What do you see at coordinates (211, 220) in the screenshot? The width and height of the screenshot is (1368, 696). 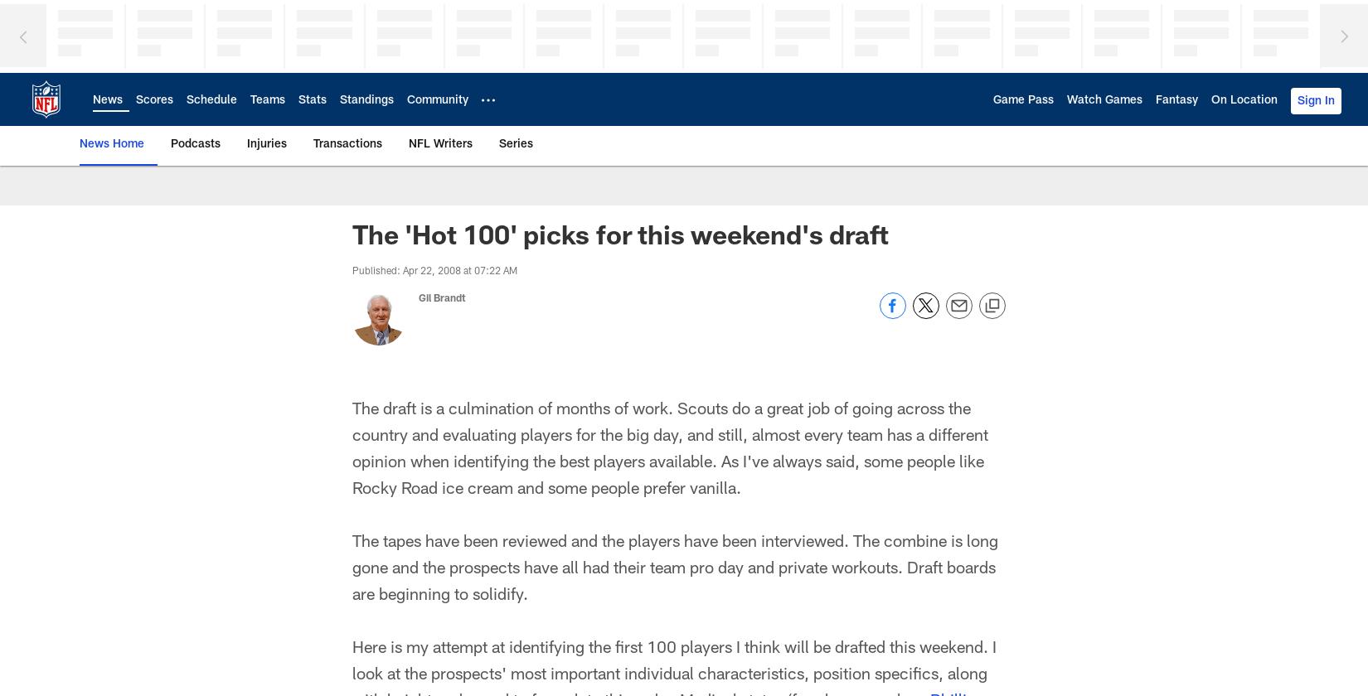 I see `'SNF'` at bounding box center [211, 220].